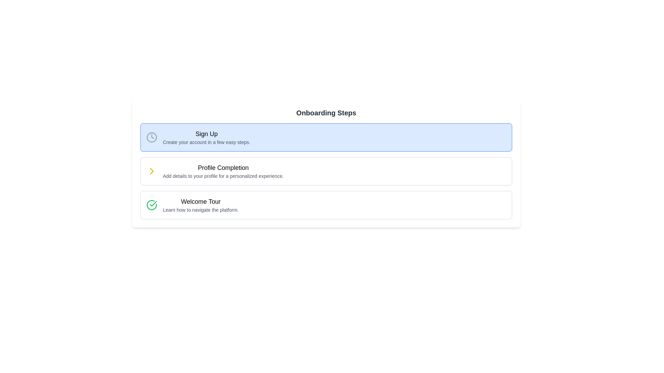  I want to click on the text label that says 'Create your account in a few easy steps.' which is located directly under the 'Sign Up' heading in the first onboarding step, so click(206, 142).